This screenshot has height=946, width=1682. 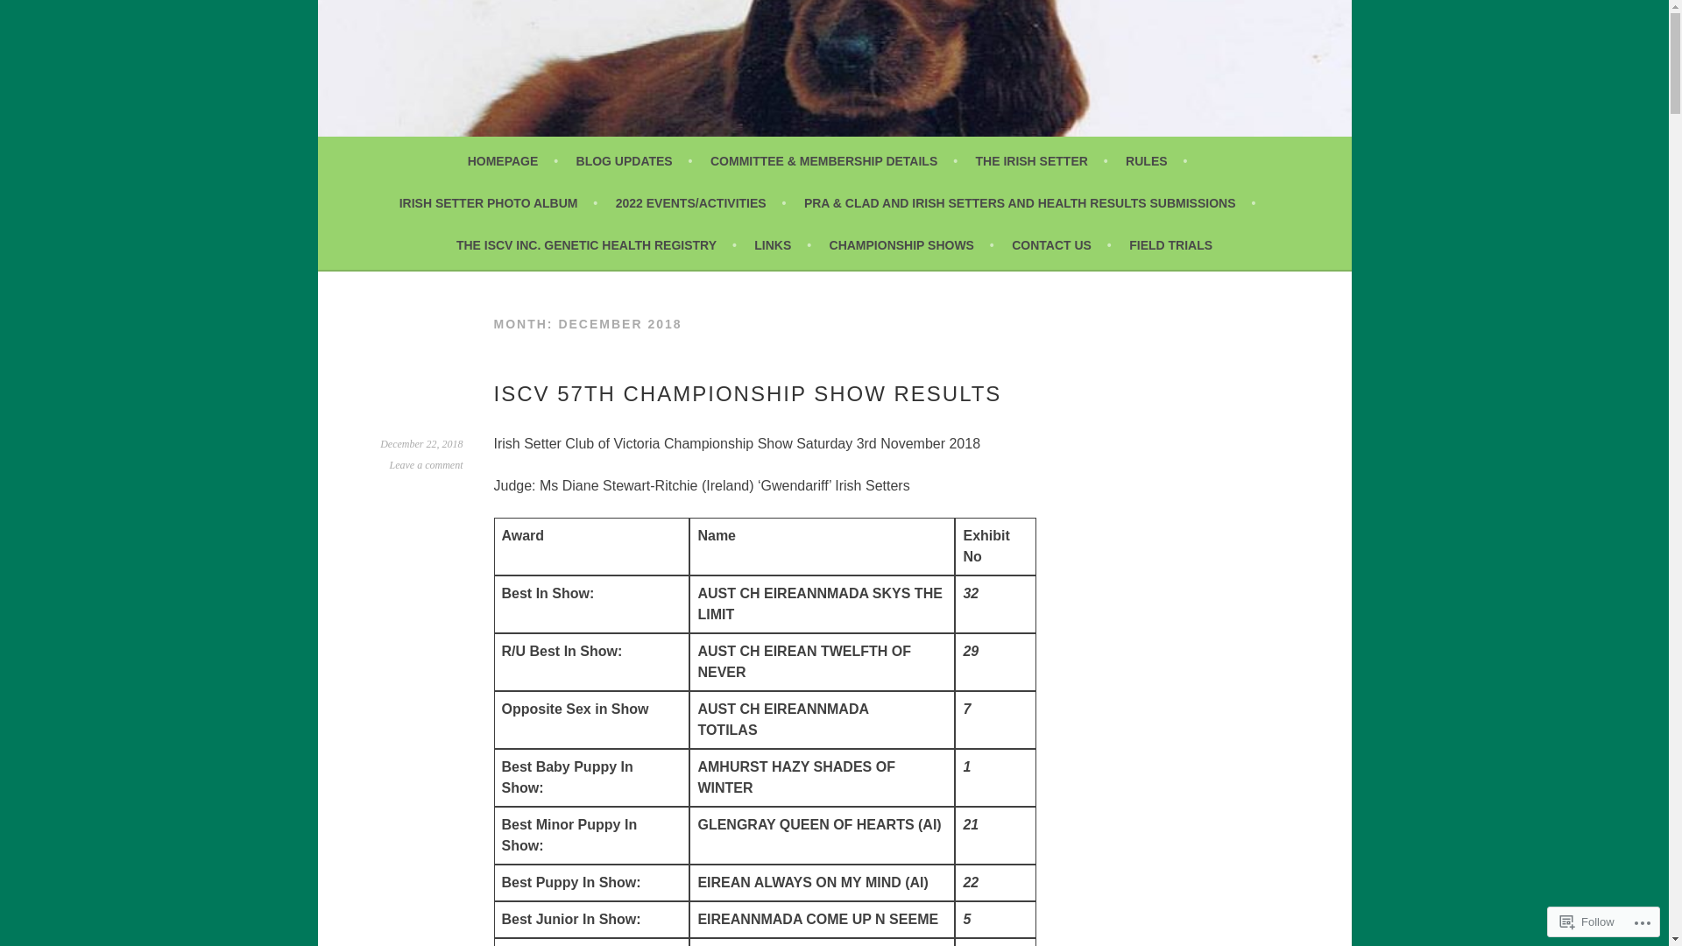 I want to click on 'RULES', so click(x=1156, y=161).